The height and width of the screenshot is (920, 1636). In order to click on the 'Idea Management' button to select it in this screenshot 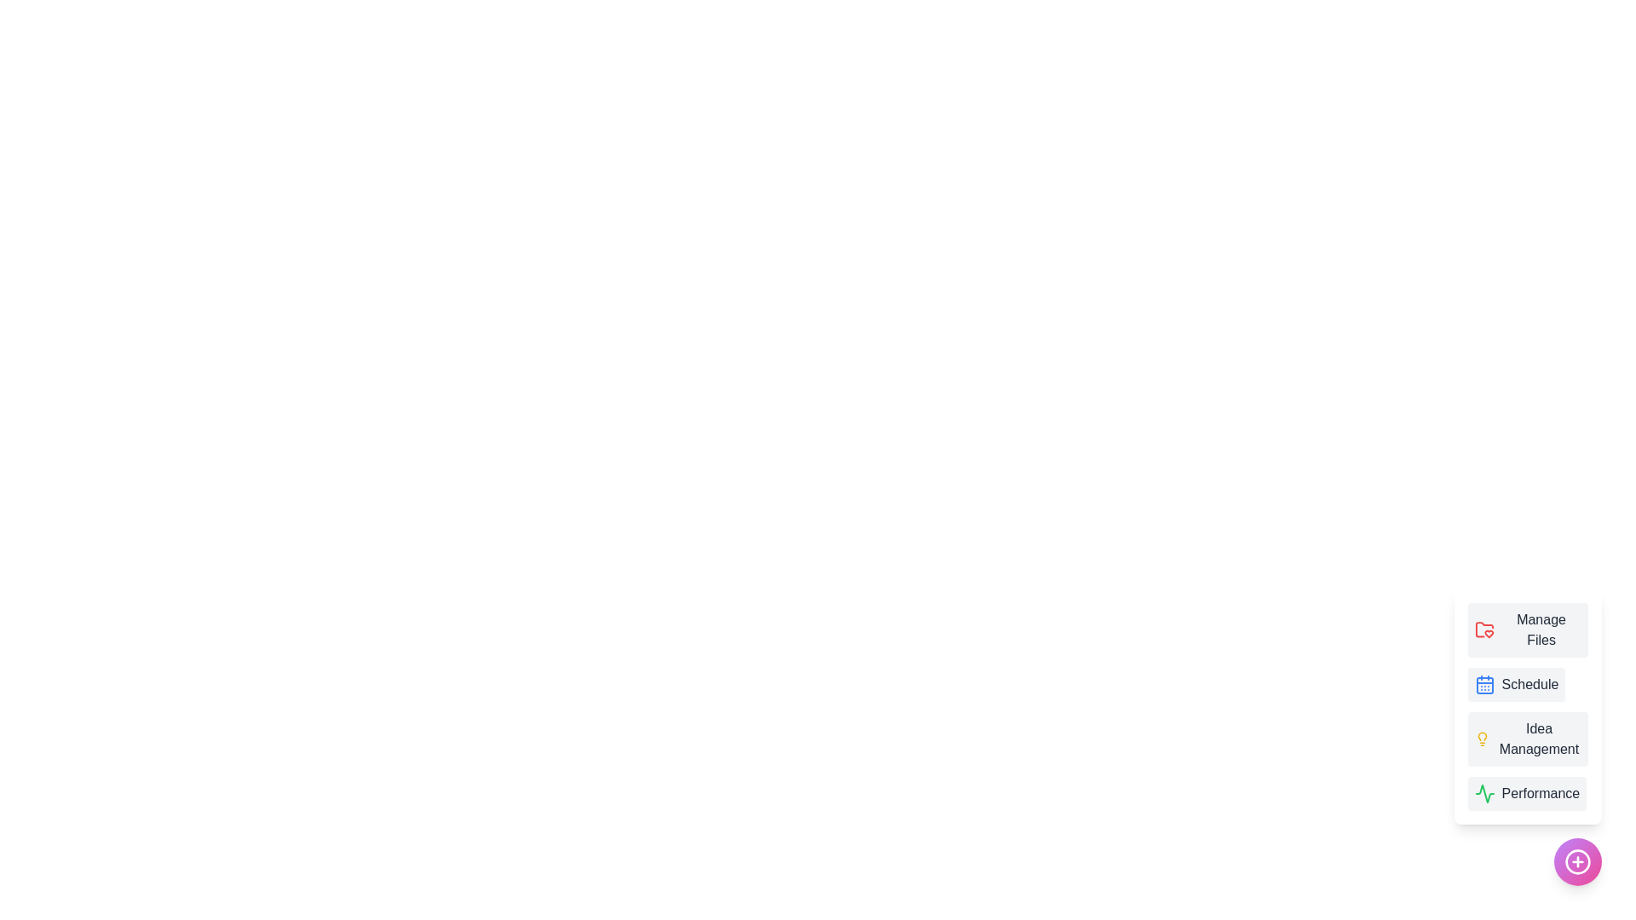, I will do `click(1528, 738)`.